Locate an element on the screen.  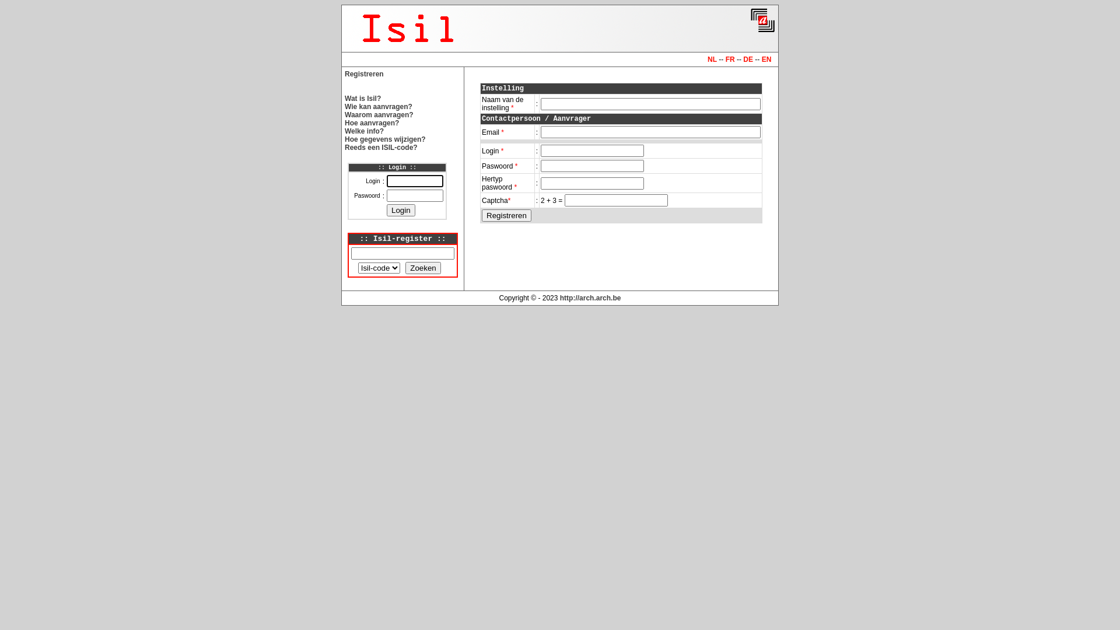
'Wie kan aanvragen?' is located at coordinates (378, 106).